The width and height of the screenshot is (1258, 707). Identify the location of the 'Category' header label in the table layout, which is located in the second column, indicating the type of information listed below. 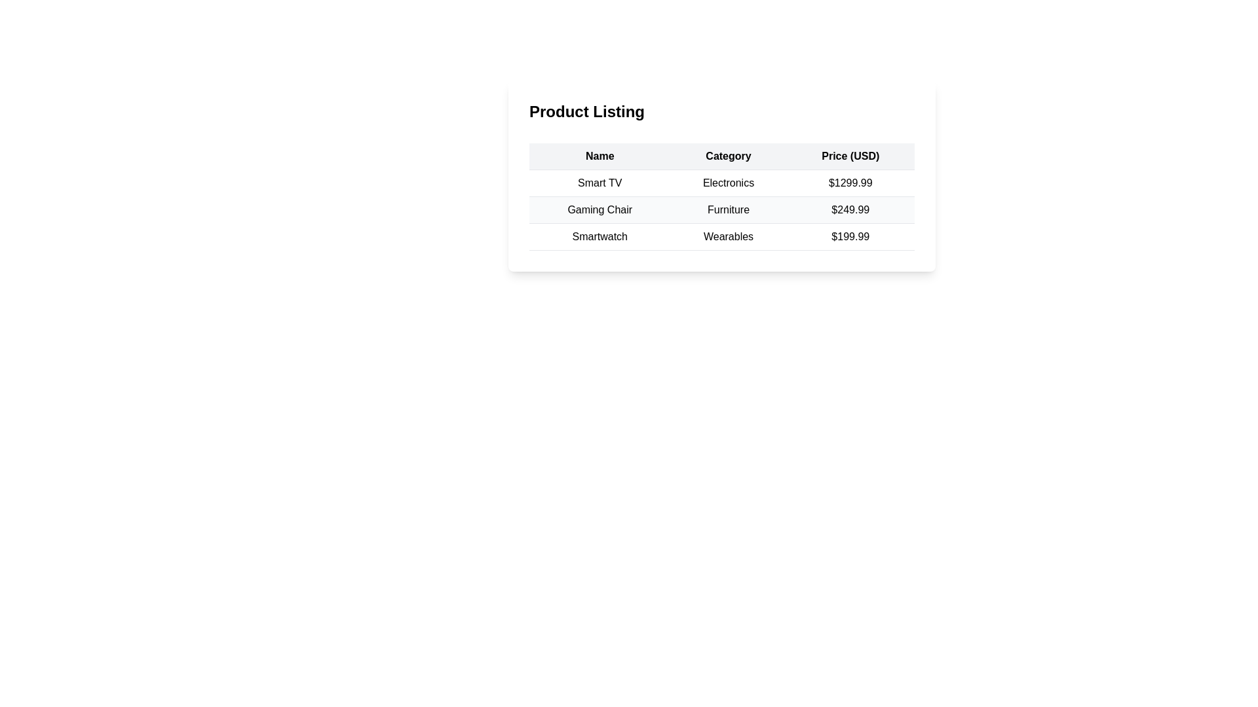
(728, 156).